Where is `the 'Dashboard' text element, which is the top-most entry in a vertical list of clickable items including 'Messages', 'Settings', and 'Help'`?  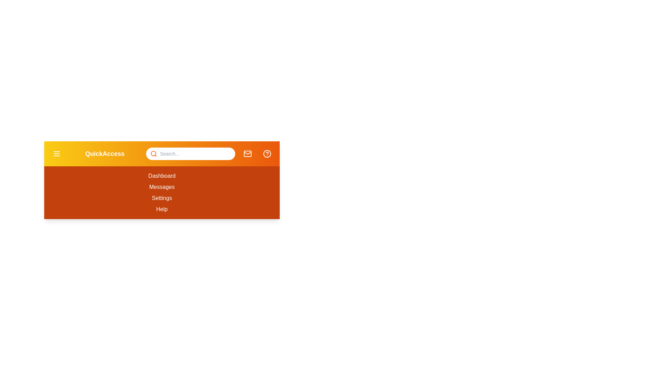 the 'Dashboard' text element, which is the top-most entry in a vertical list of clickable items including 'Messages', 'Settings', and 'Help' is located at coordinates (161, 175).